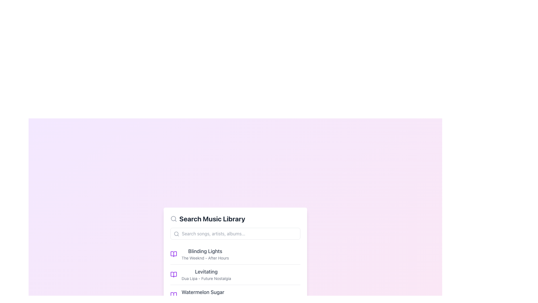 This screenshot has width=538, height=303. What do you see at coordinates (205, 254) in the screenshot?
I see `the song entry displayed in the 'Search Music Library' section` at bounding box center [205, 254].